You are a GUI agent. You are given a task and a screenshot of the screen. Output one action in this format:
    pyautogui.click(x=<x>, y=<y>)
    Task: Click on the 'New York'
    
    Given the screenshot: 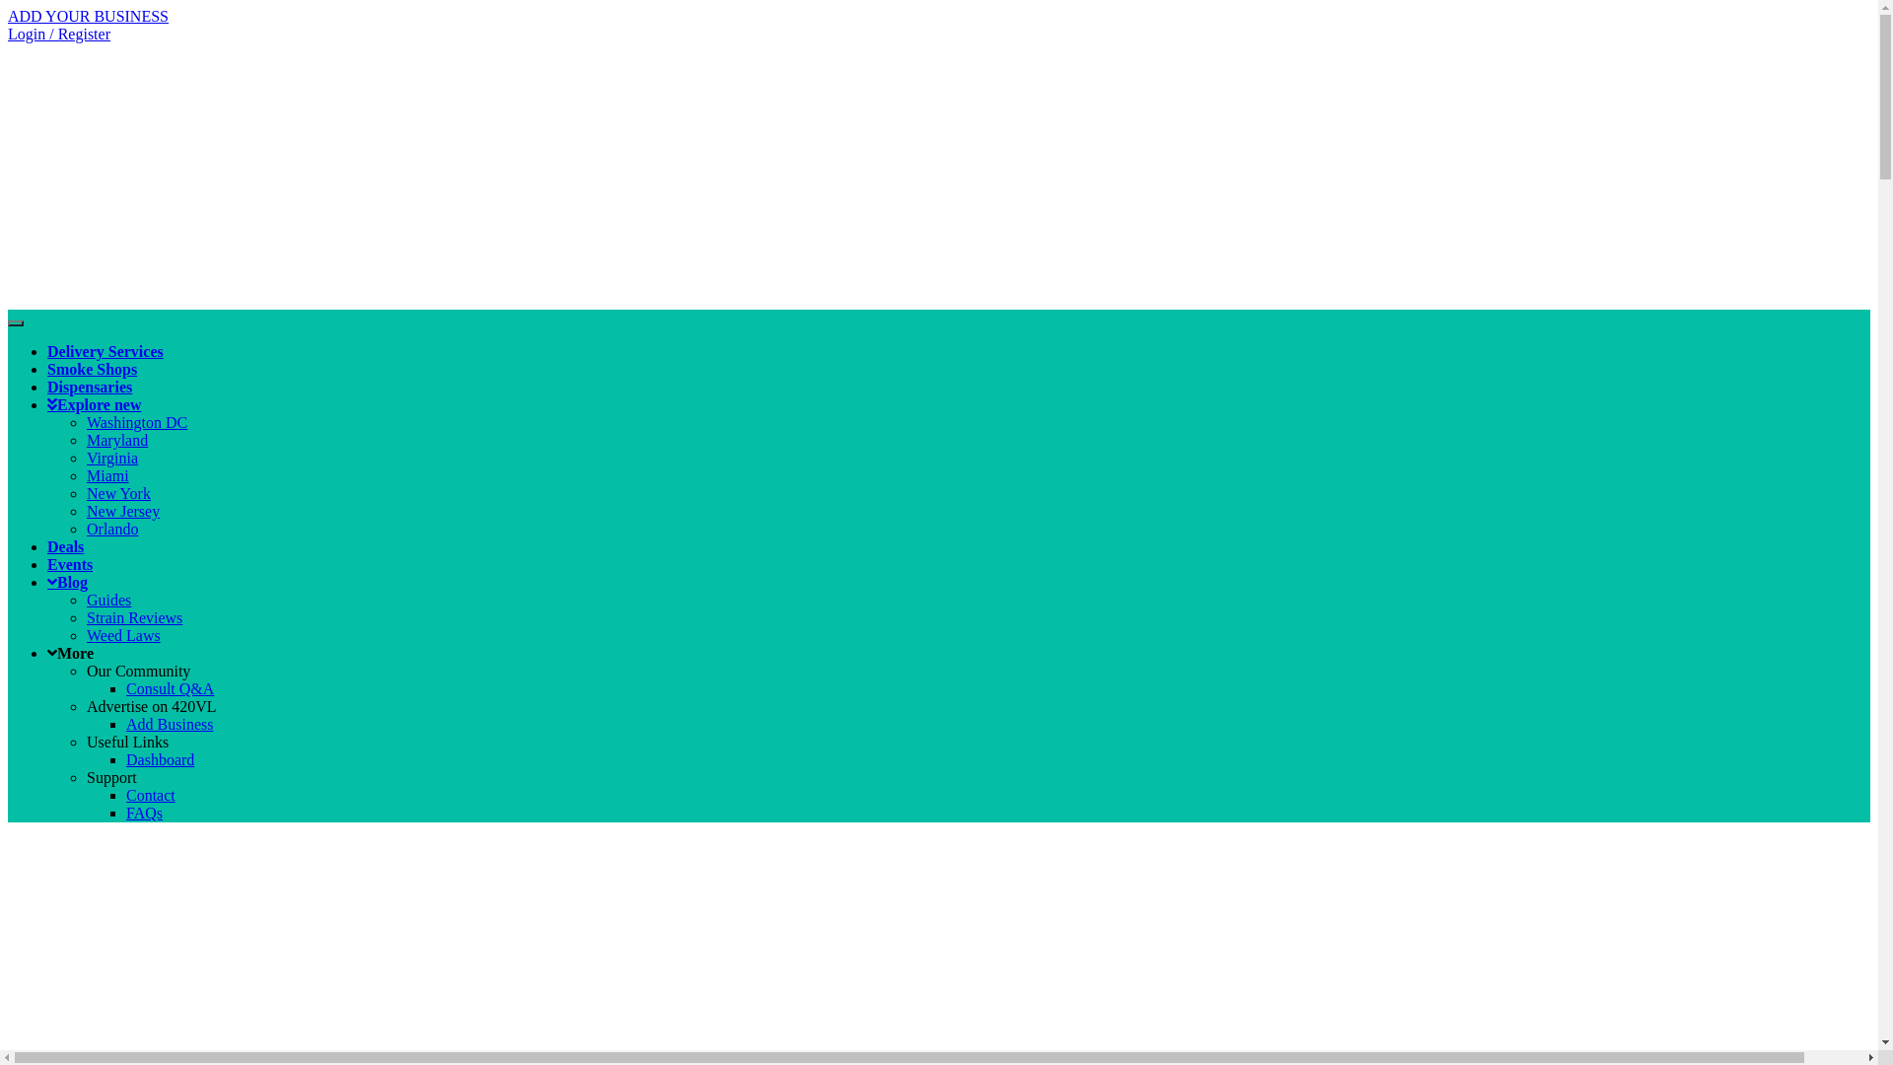 What is the action you would take?
    pyautogui.click(x=117, y=492)
    